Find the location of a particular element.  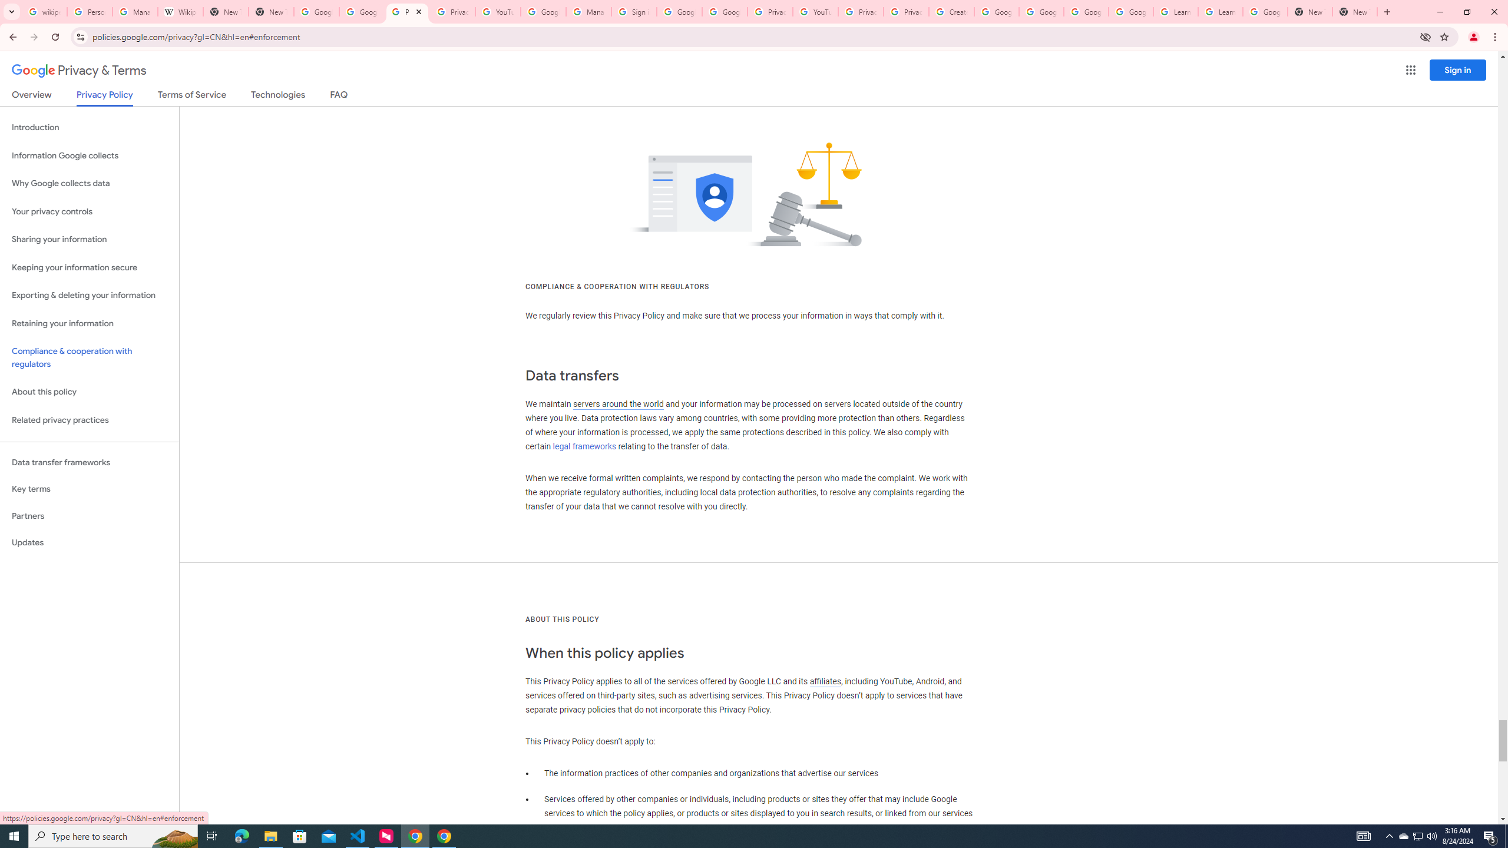

'Introduction' is located at coordinates (89, 127).